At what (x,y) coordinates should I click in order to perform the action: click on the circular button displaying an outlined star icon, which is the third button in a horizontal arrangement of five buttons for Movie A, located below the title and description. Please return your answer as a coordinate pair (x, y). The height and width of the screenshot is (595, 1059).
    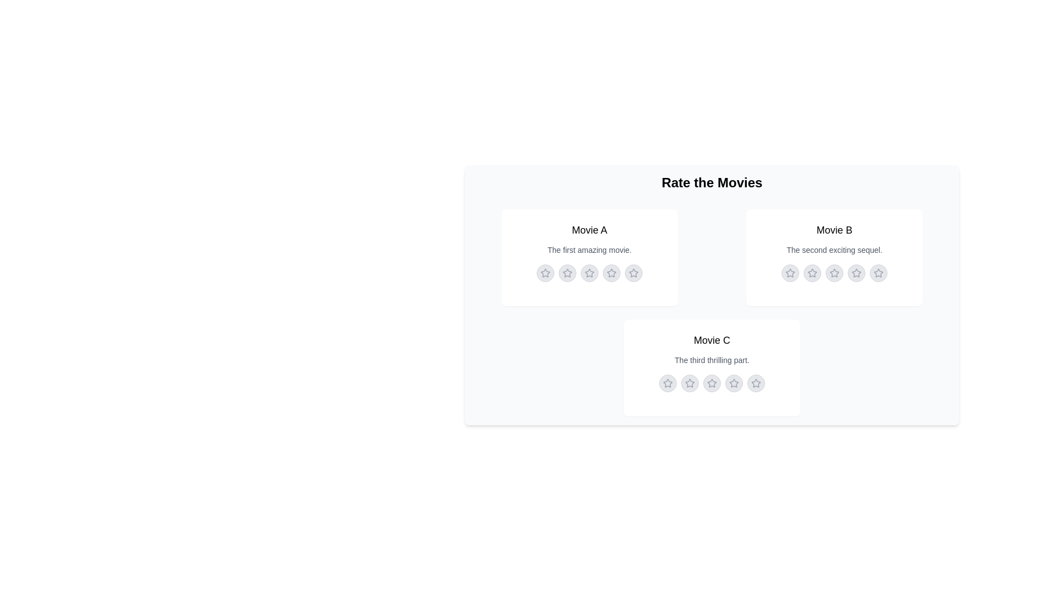
    Looking at the image, I should click on (589, 273).